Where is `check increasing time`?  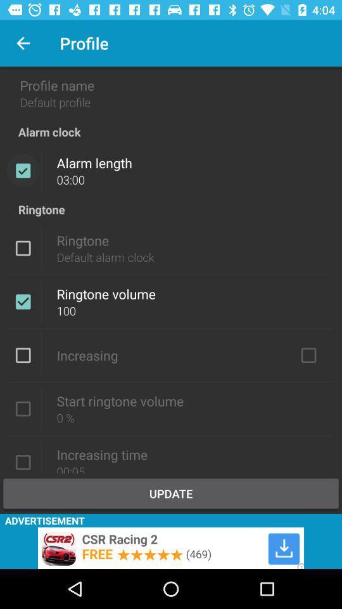
check increasing time is located at coordinates (23, 461).